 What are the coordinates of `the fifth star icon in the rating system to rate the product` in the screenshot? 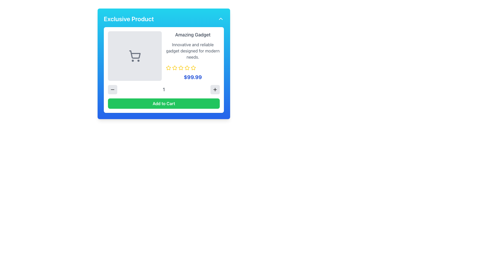 It's located at (181, 67).